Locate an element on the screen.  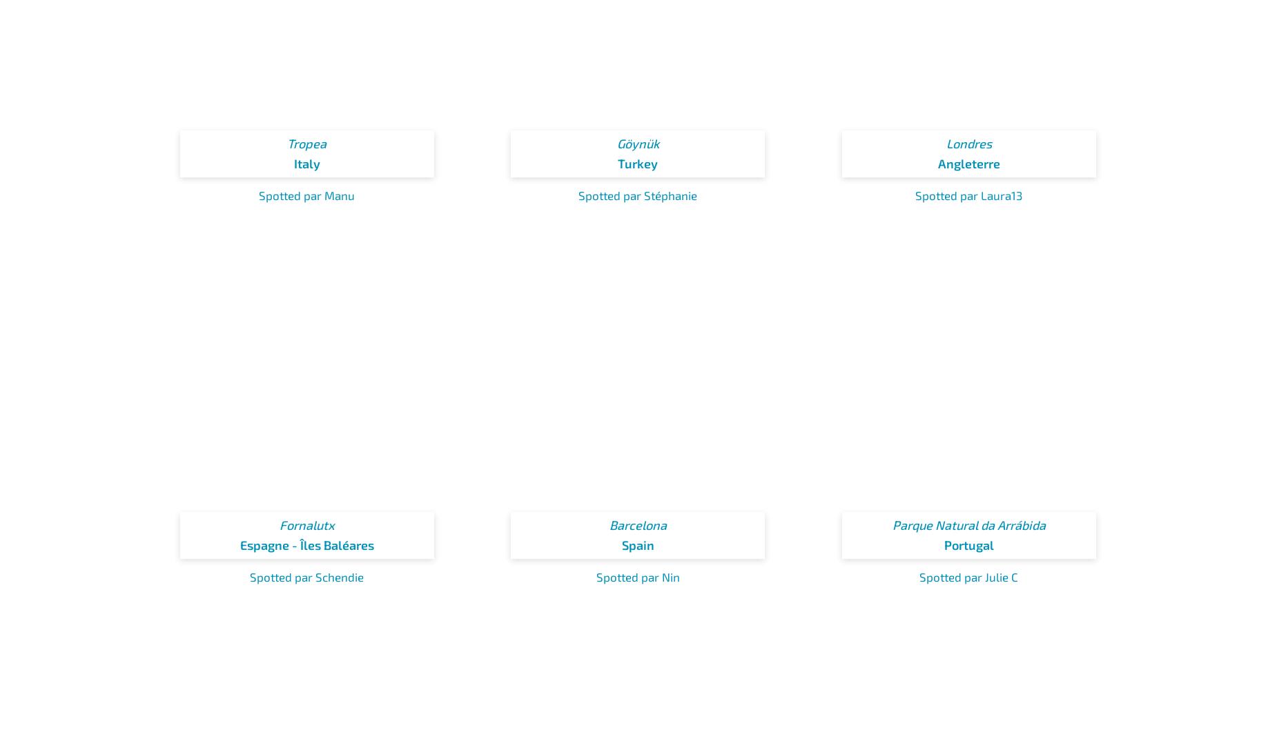
'Spotted par Laura13' is located at coordinates (968, 195).